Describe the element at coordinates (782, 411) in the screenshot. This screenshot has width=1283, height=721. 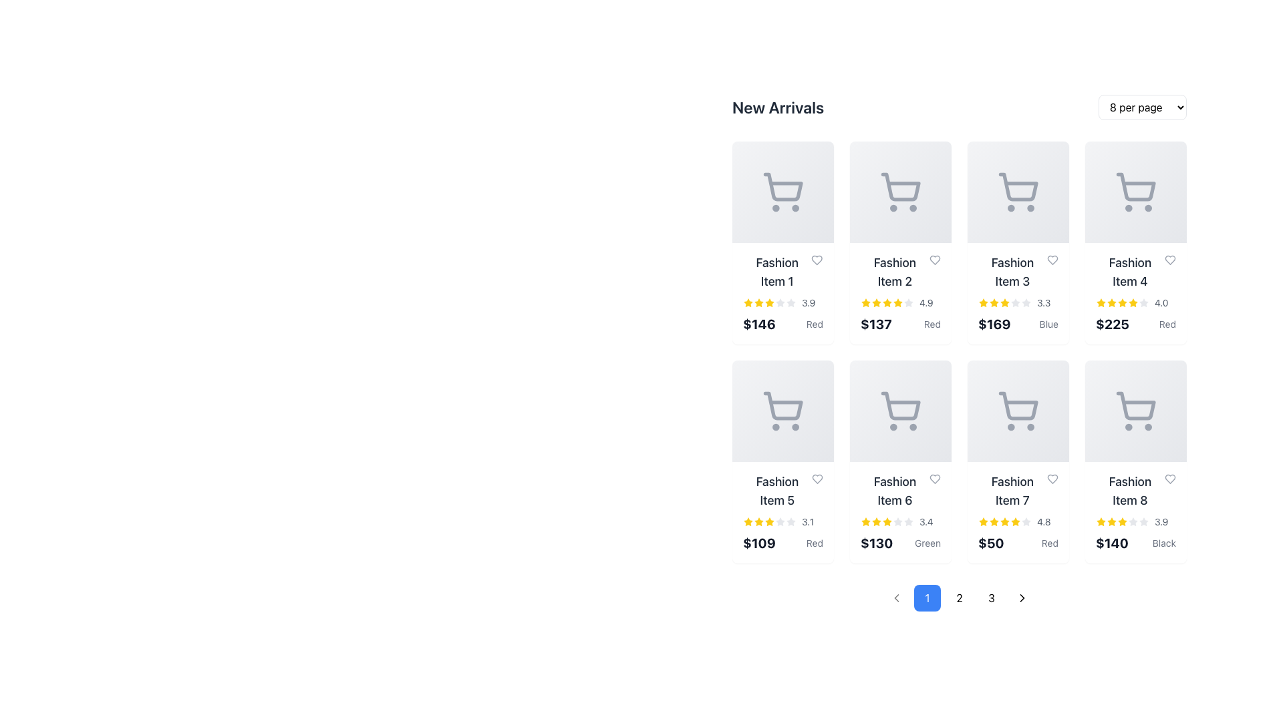
I see `the shopping cart icon, which is gray in color and located in the center of the fifth item in the first row of the product grid labeled 'Fashion Item 5'` at that location.